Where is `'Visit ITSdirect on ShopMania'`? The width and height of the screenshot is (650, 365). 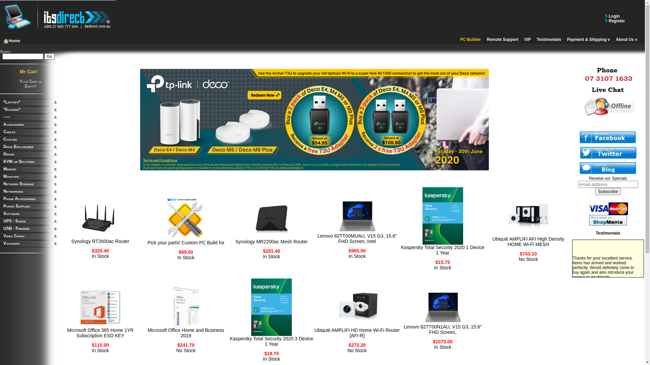
'Visit ITSdirect on ShopMania' is located at coordinates (608, 220).